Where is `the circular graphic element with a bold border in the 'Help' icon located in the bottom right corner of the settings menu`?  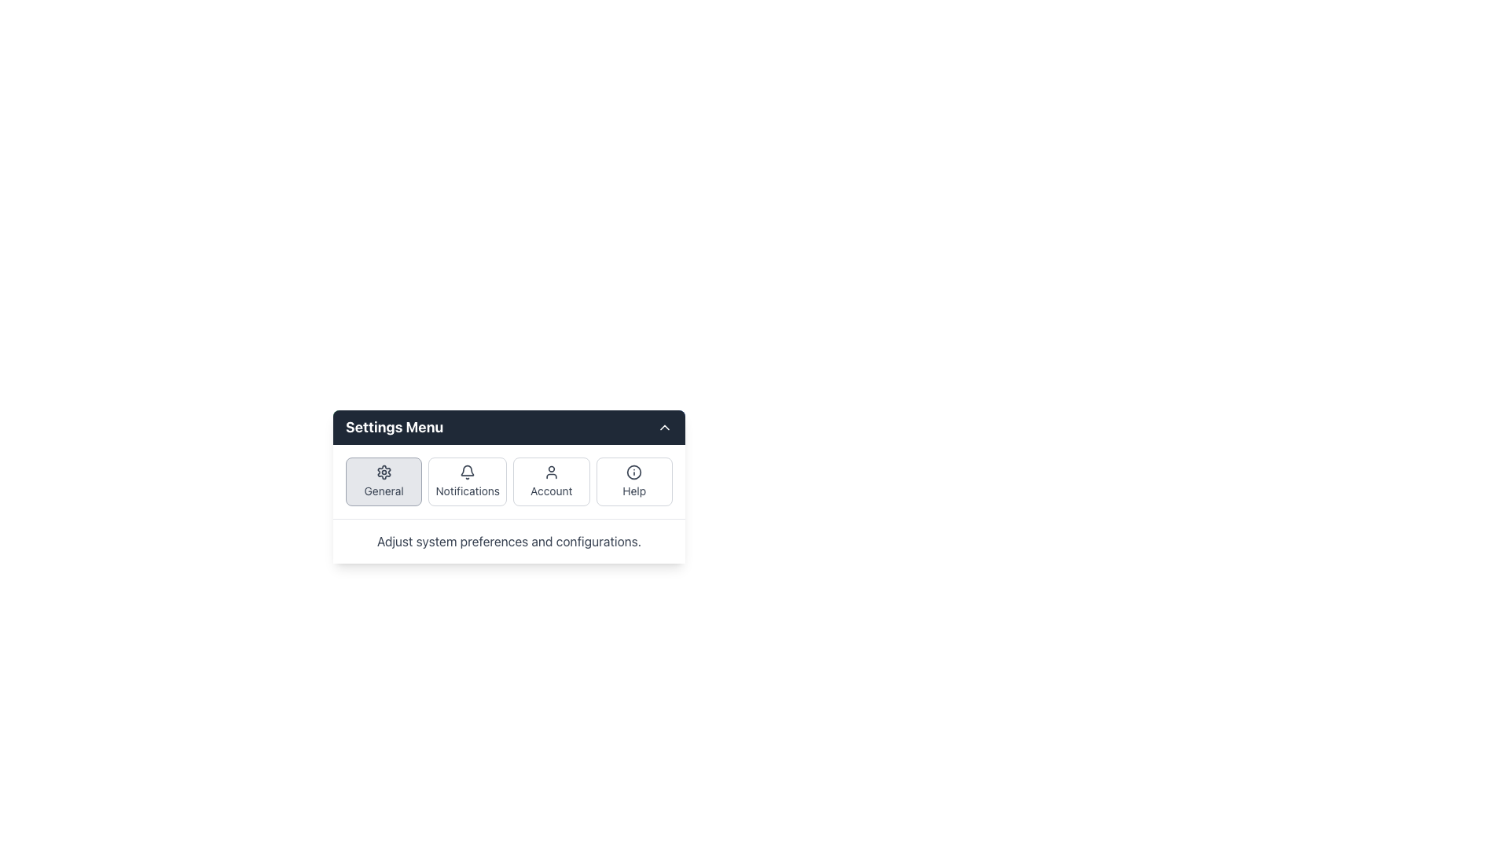 the circular graphic element with a bold border in the 'Help' icon located in the bottom right corner of the settings menu is located at coordinates (634, 472).